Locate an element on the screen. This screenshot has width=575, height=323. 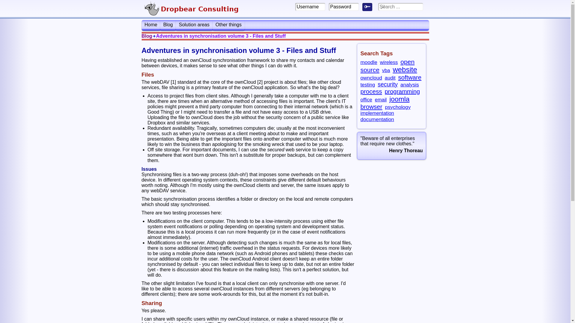
'software' is located at coordinates (398, 77).